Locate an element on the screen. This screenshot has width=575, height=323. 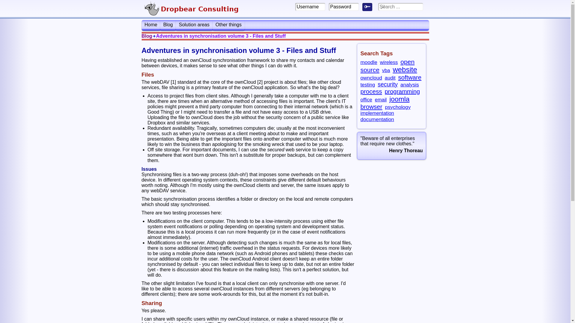
'software' is located at coordinates (398, 77).